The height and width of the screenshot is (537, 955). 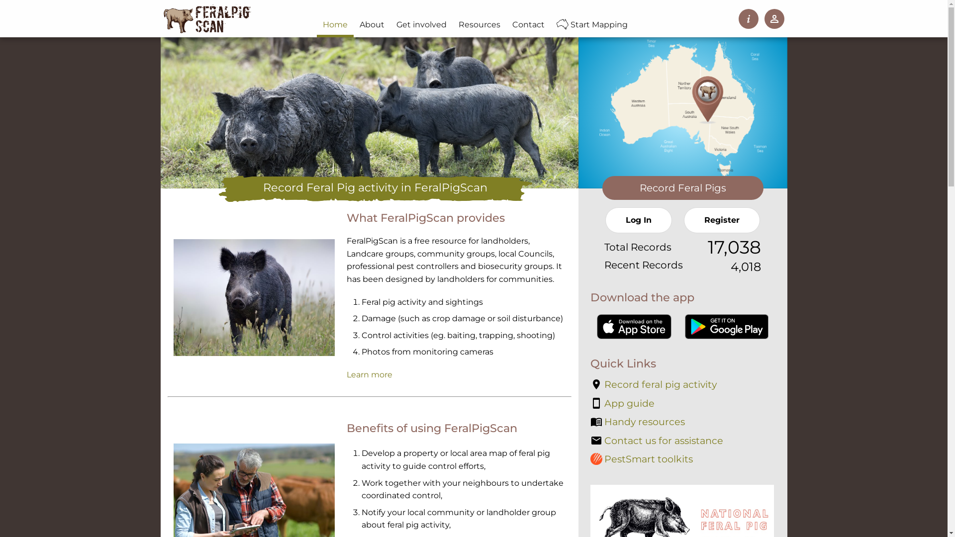 What do you see at coordinates (748, 19) in the screenshot?
I see `'Instructions'` at bounding box center [748, 19].